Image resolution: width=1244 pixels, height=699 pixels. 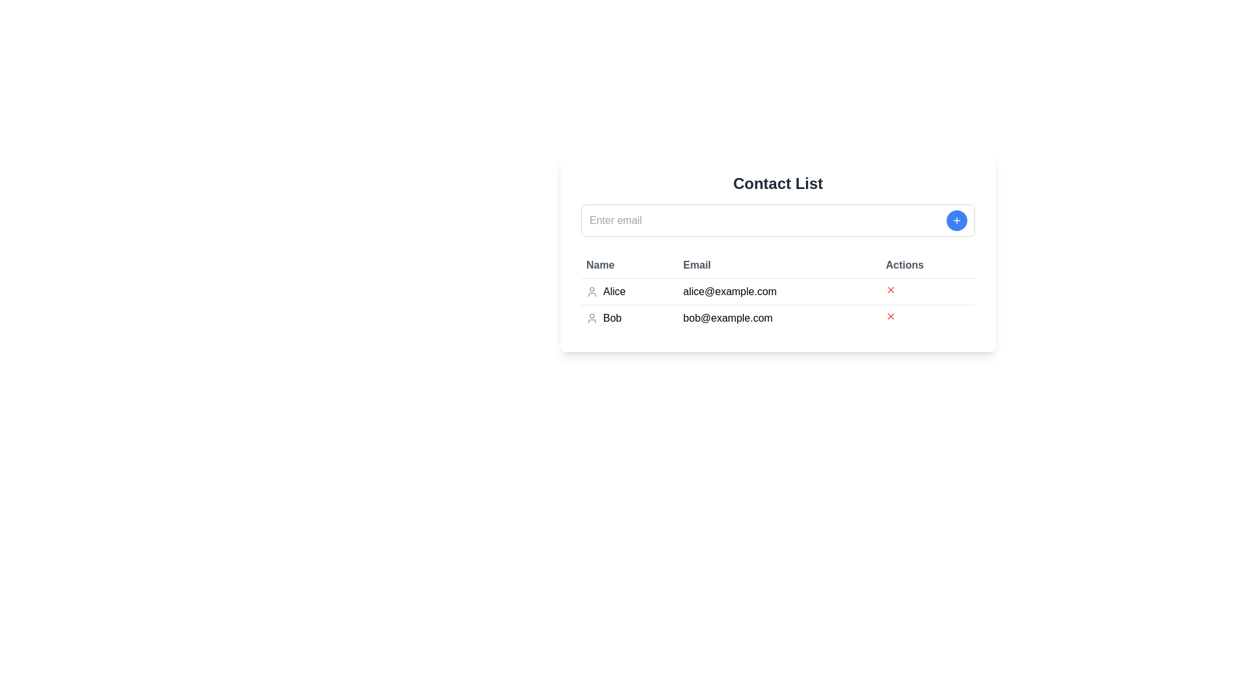 I want to click on the first data row of the 'Contact List' table, which displays user information including name and email contact details, so click(x=777, y=304).